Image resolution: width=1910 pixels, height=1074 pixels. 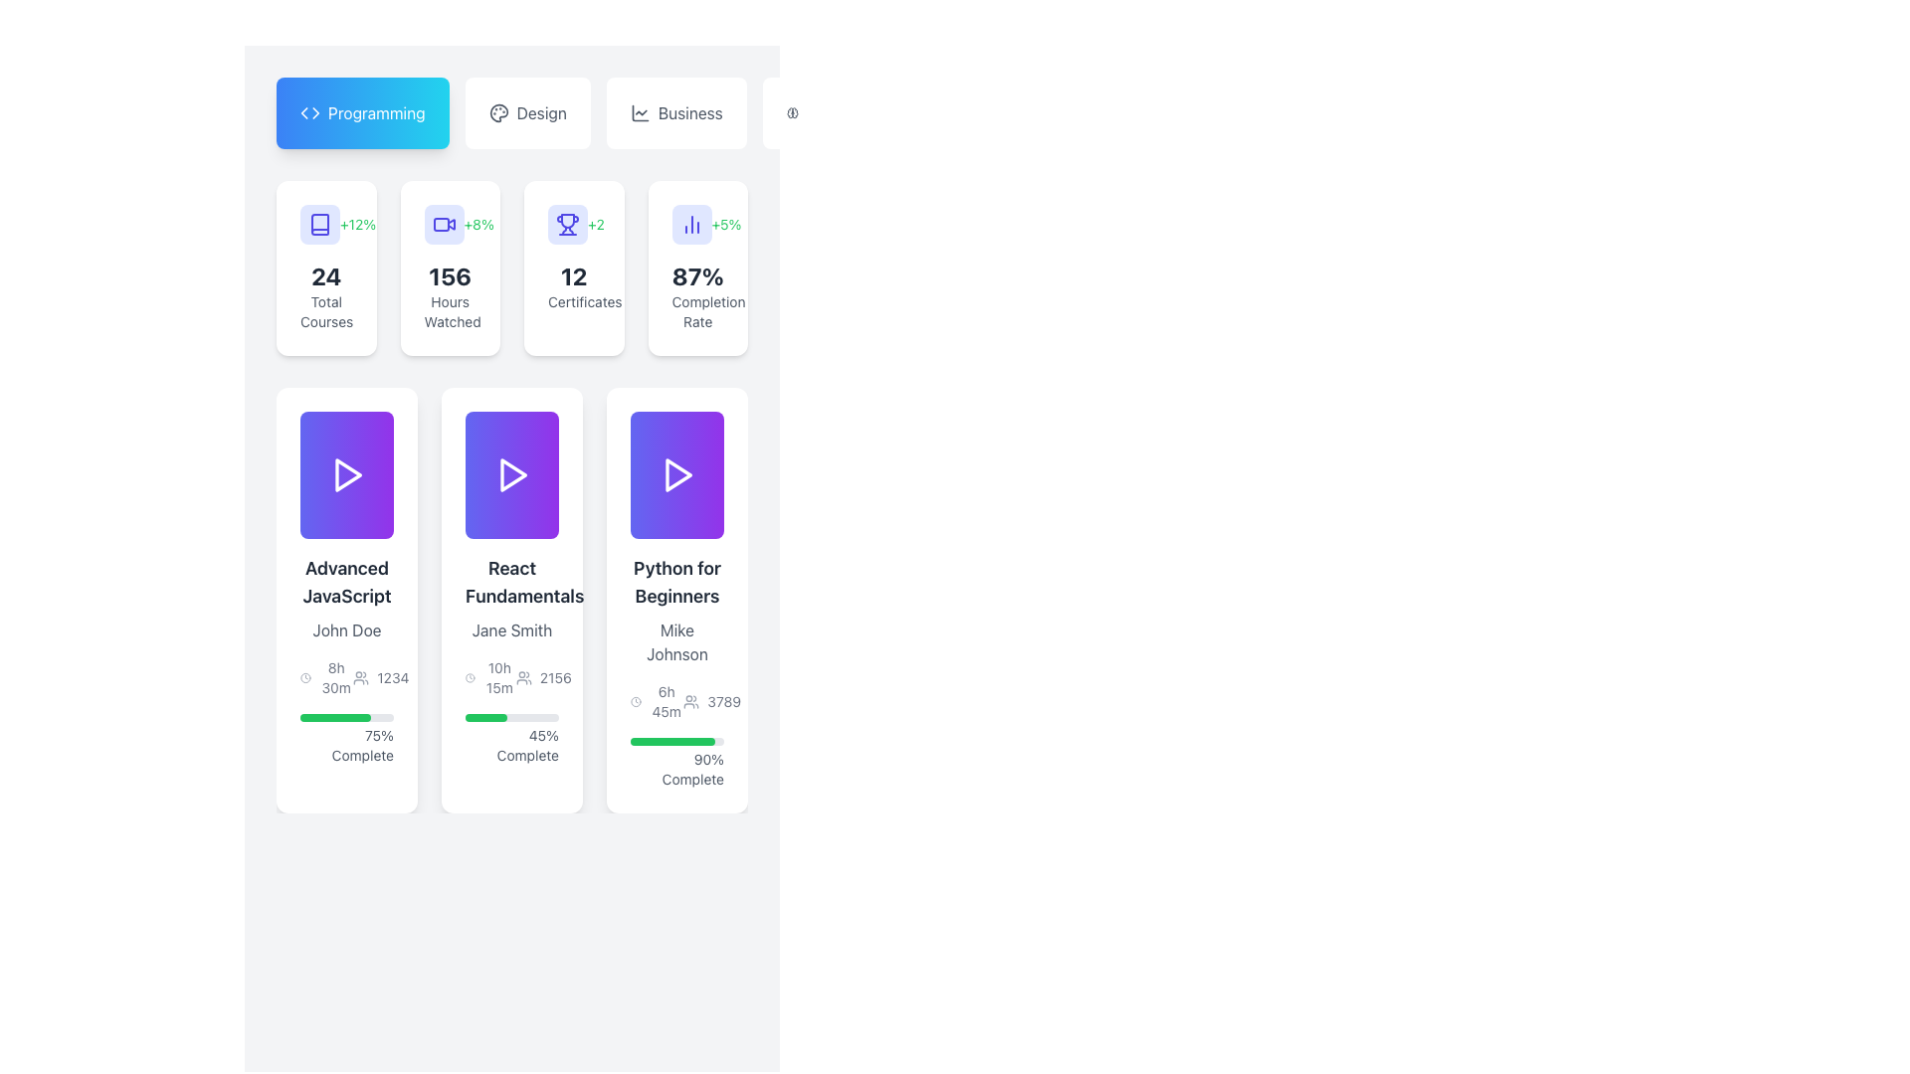 I want to click on the progress information of the '45% Complete' text label located at the bottom of the 'React Fundamentals' card, which is the second card from the left in the grid, so click(x=511, y=740).